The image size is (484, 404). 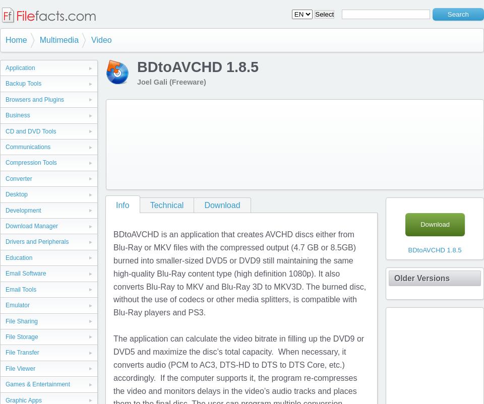 What do you see at coordinates (113, 273) in the screenshot?
I see `'BDtoAVCHD is an application that creates AVCHD discs either from Blu-Ray or MKV files with the compressed output (4.7 GB or 8.5GB) burned into smaller-sized DVD5 or DVD9 still maintaining the same high-quality Blu-Ray content type (high definition 1080p). It also converts Blu-Ray to MKV and Blu-Ray 3D to MKV3D. The burned disc, without the use of codecs or other media splitters, is compatible with Blu-Ray players and PS3.'` at bounding box center [113, 273].